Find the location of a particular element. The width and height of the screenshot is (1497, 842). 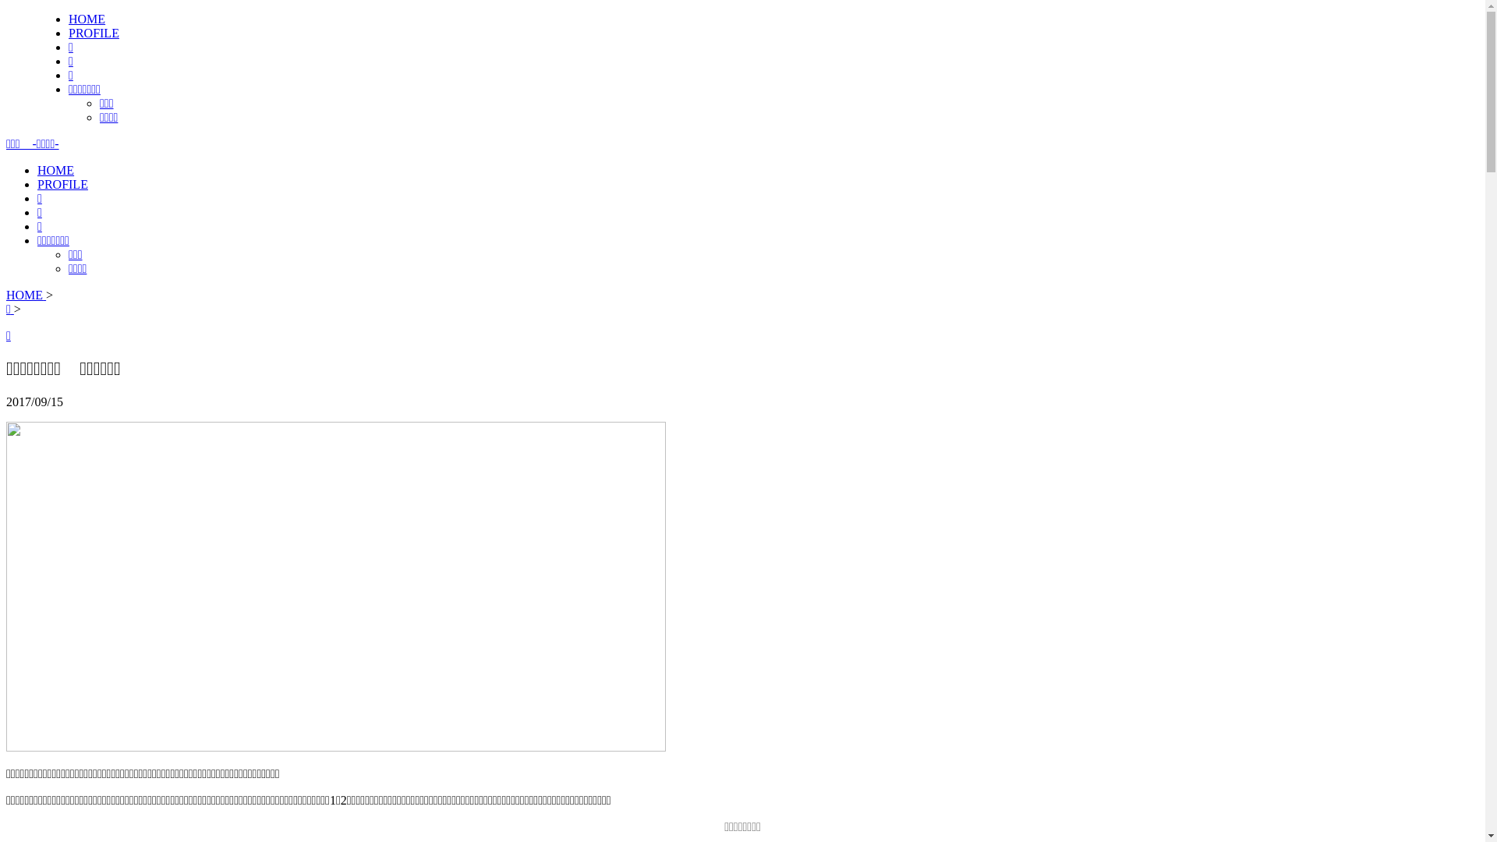

'PROFILE' is located at coordinates (93, 33).